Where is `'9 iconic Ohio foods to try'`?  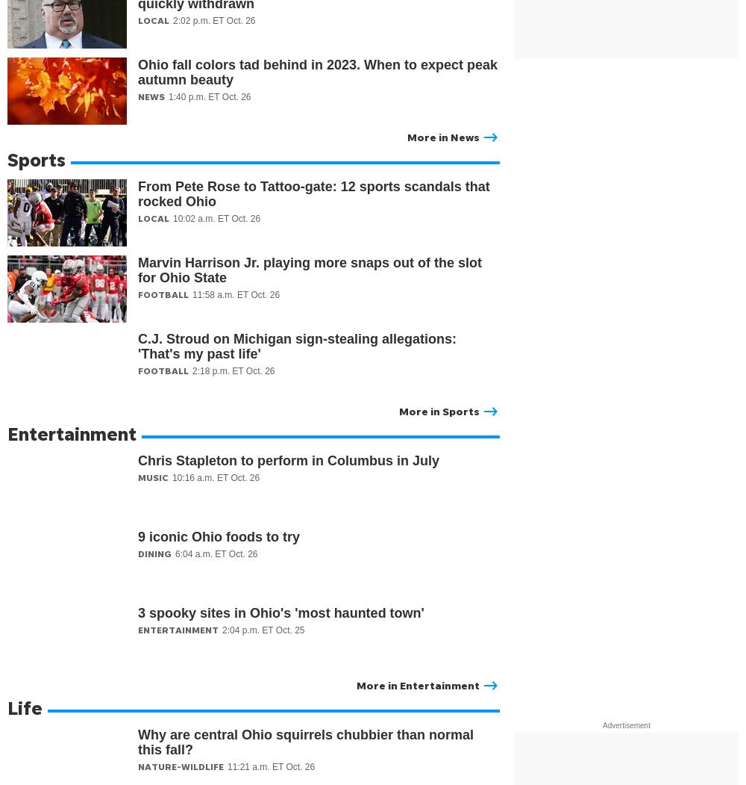
'9 iconic Ohio foods to try' is located at coordinates (221, 536).